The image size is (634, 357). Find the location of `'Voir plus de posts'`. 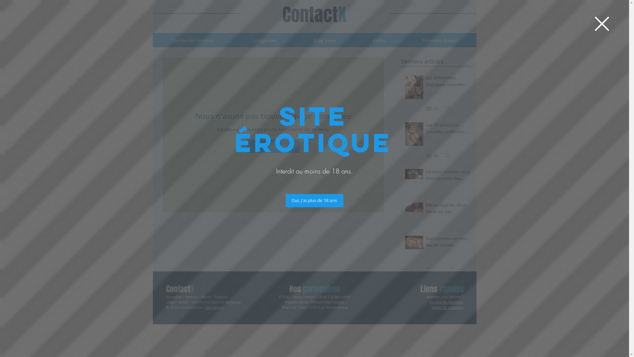

'Voir plus de posts' is located at coordinates (273, 146).